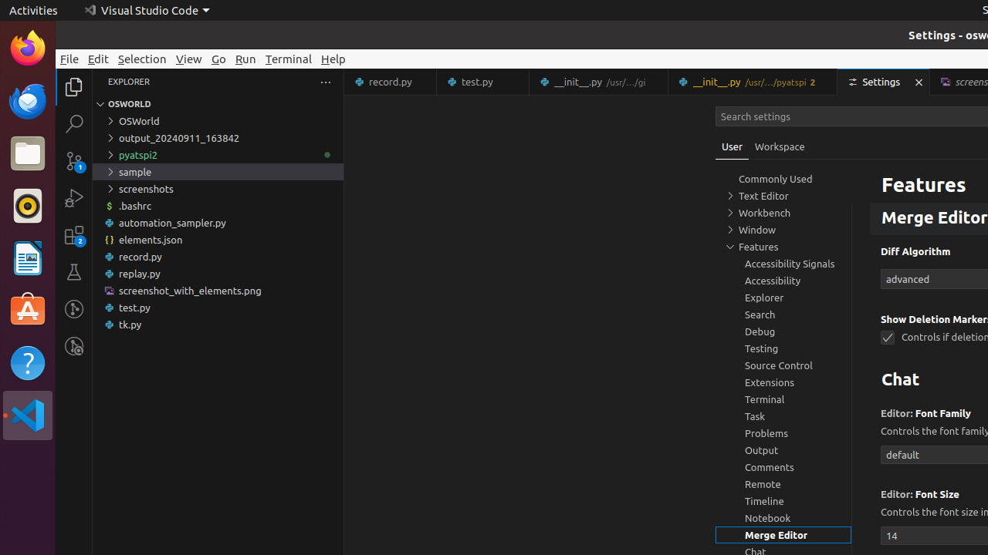  I want to click on 'Search (Ctrl+Shift+F)', so click(73, 123).